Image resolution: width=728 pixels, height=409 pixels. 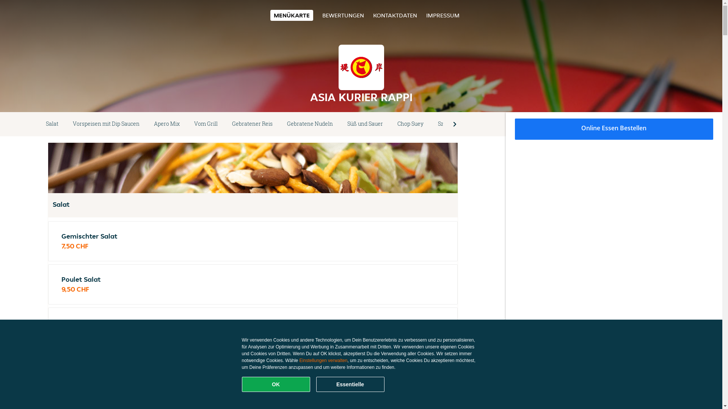 What do you see at coordinates (426, 15) in the screenshot?
I see `'IMPRESSUM'` at bounding box center [426, 15].